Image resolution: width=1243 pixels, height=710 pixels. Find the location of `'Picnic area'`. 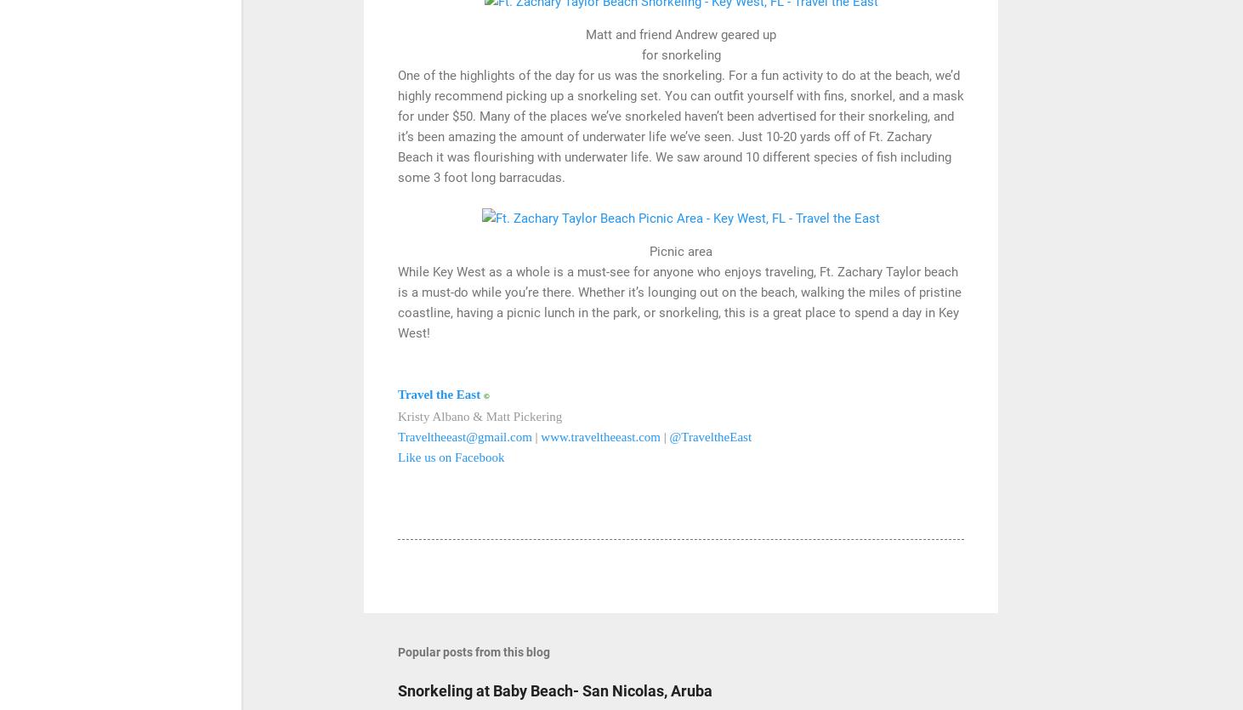

'Picnic area' is located at coordinates (680, 250).